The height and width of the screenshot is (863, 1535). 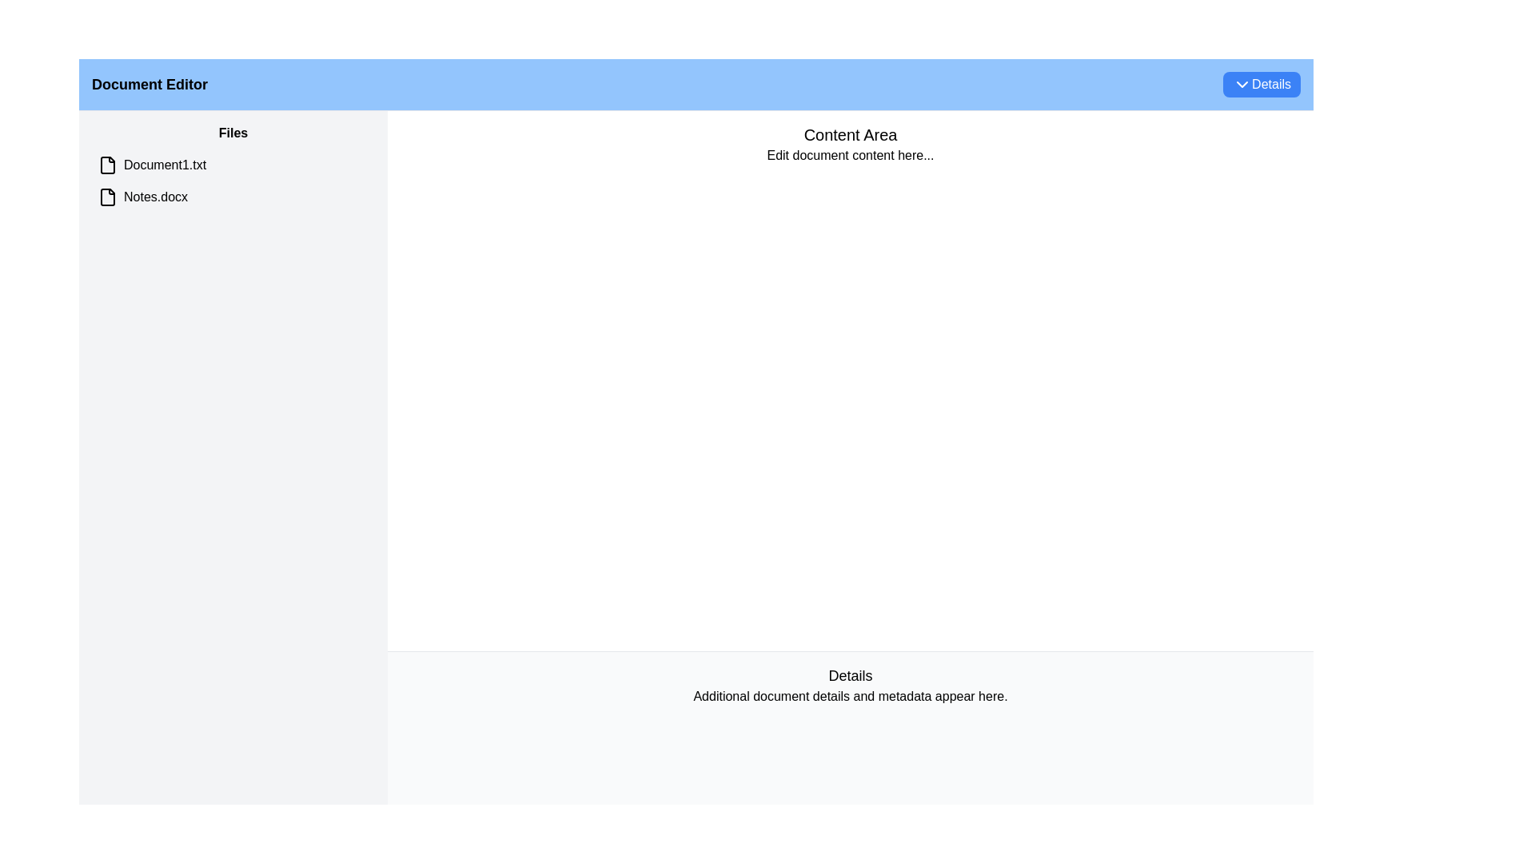 I want to click on guidance text displayed as 'Edit document content here...' located below the 'Content Area' heading in the content area section of the application interface, so click(x=850, y=156).